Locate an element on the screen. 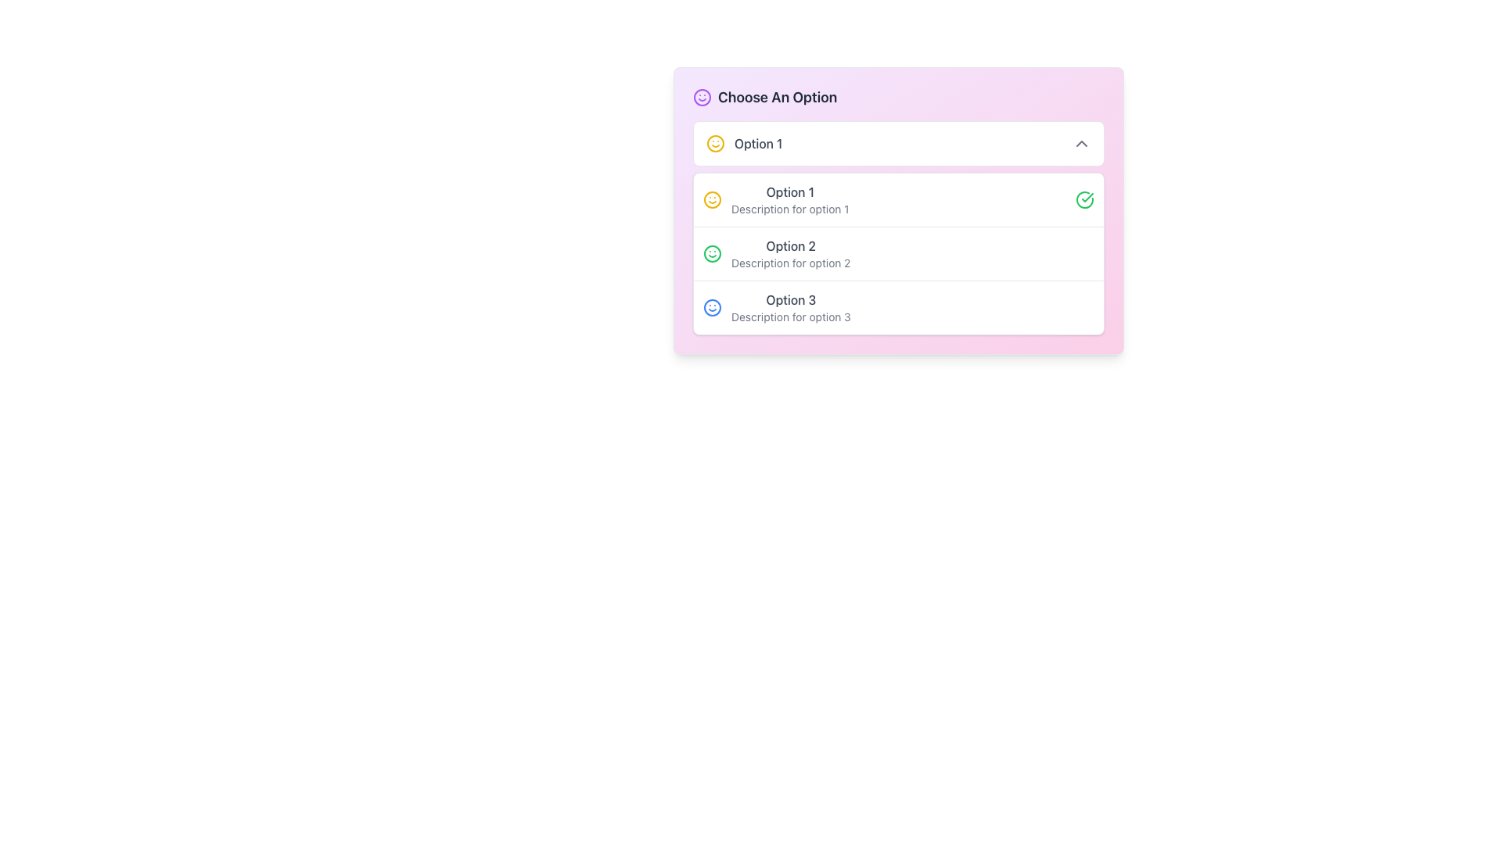 The height and width of the screenshot is (844, 1502). the third menu option labeled 'Option 3' by clicking it is located at coordinates (898, 307).